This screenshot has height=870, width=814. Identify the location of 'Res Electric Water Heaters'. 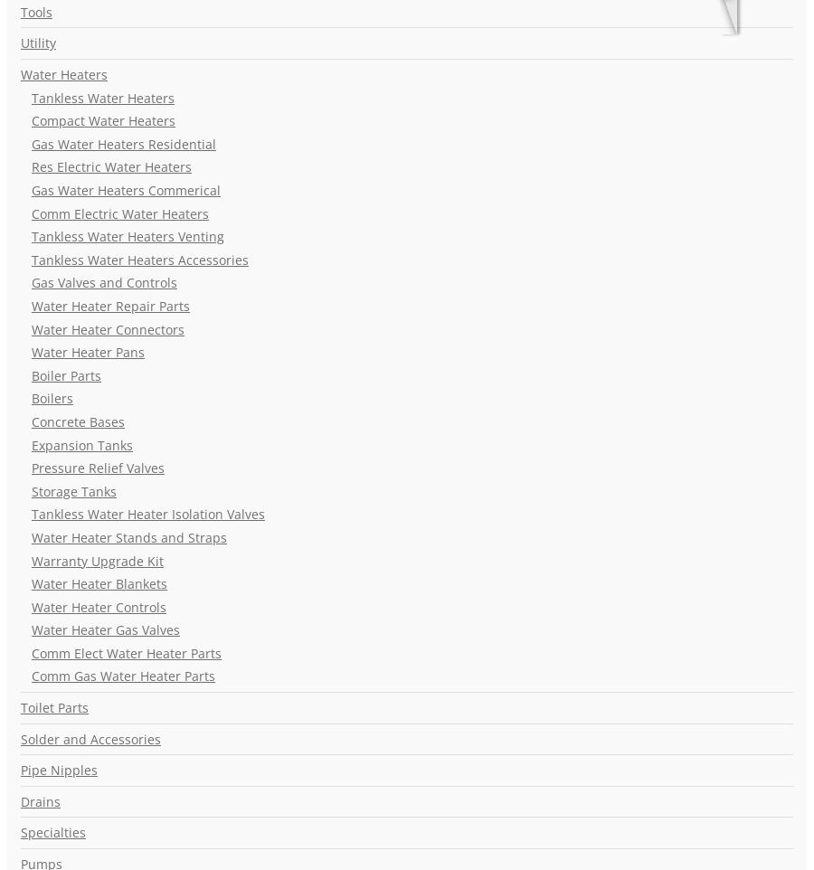
(111, 166).